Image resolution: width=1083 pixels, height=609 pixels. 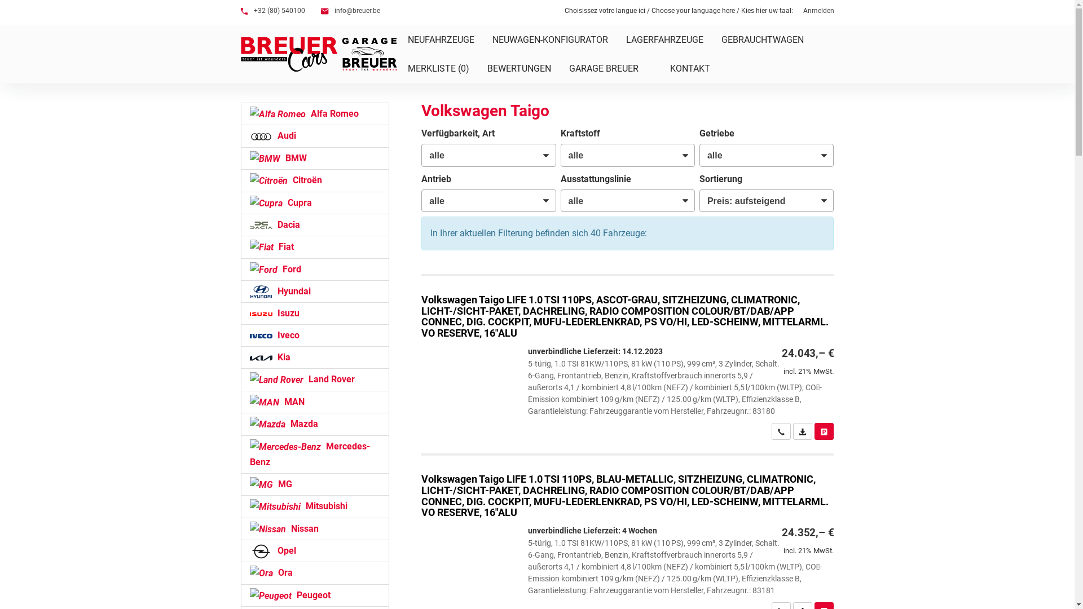 What do you see at coordinates (314, 113) in the screenshot?
I see `'Alfa Romeo'` at bounding box center [314, 113].